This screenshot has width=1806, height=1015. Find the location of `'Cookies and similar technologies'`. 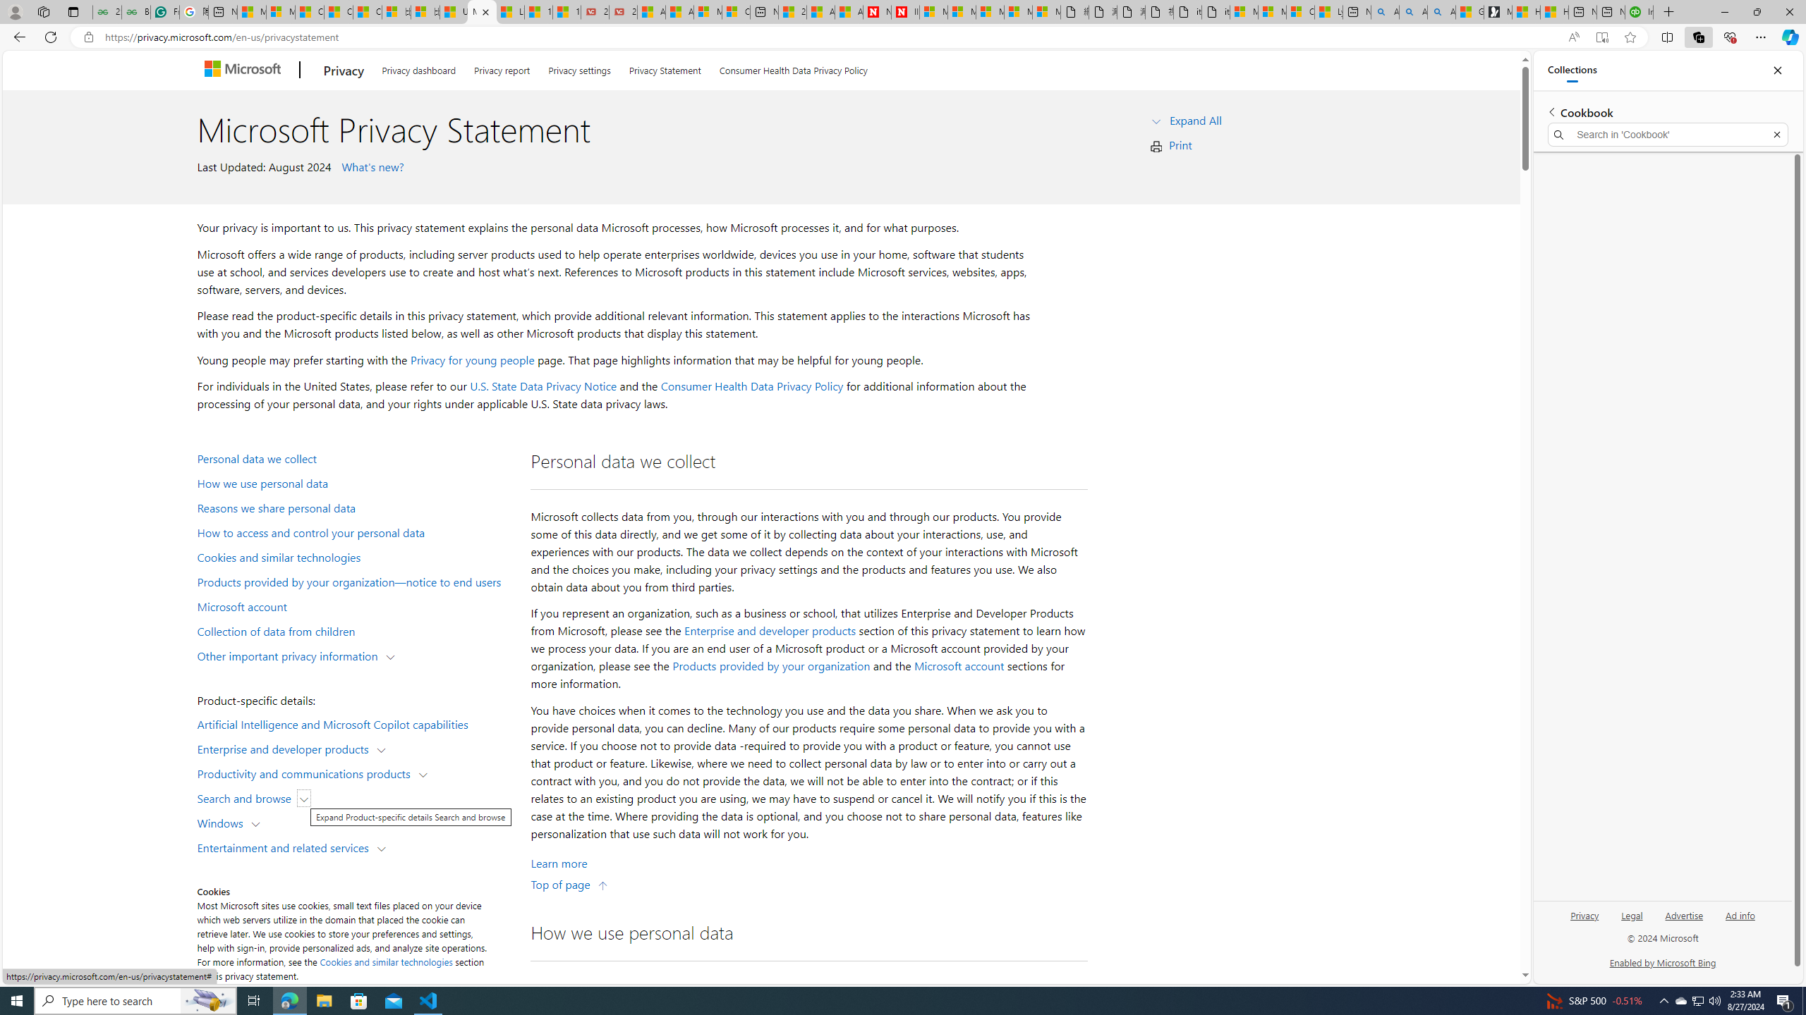

'Cookies and similar technologies' is located at coordinates (385, 961).